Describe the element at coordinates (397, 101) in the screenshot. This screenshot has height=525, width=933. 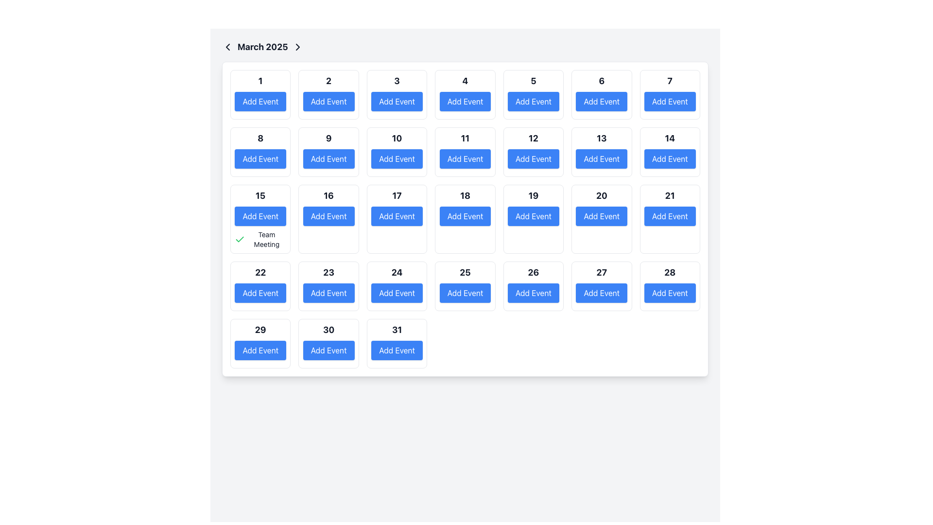
I see `the 'Add Event' button, which is a rectangular button with a blue background and white text, located in the third cell of the top row of the calendar interface` at that location.